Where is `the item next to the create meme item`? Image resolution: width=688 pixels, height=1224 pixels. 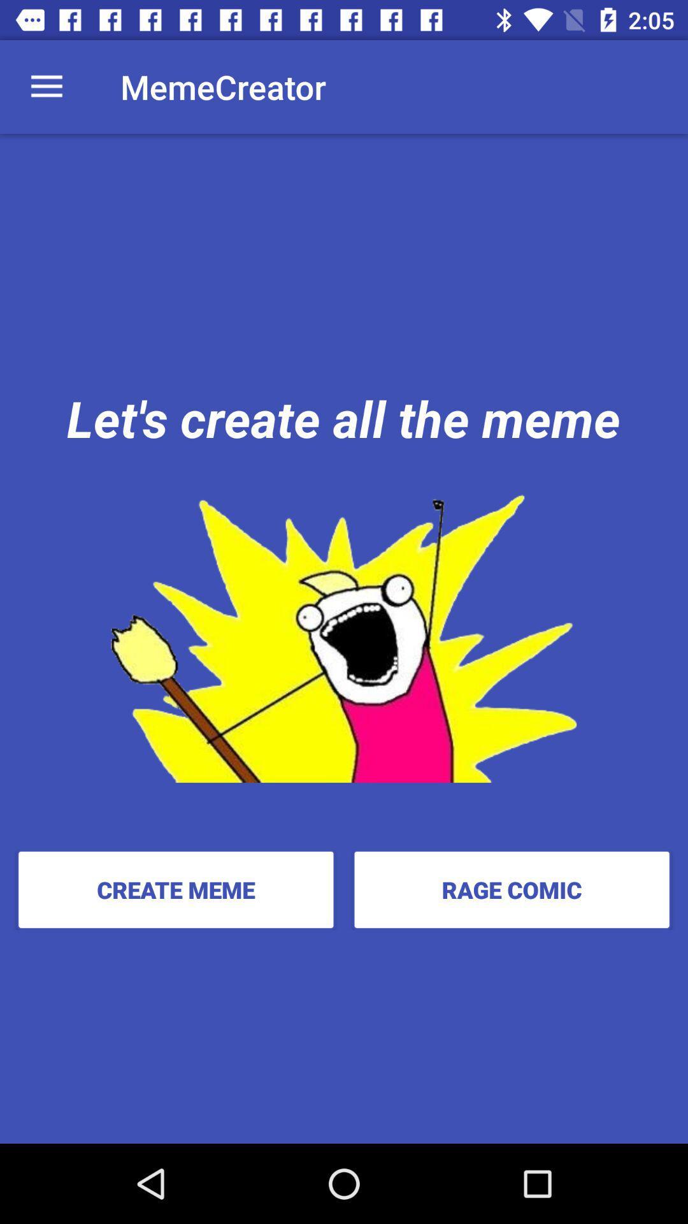
the item next to the create meme item is located at coordinates (511, 889).